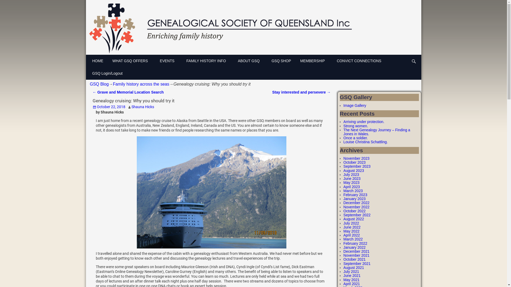 This screenshot has height=287, width=511. Describe the element at coordinates (357, 166) in the screenshot. I see `'September 2023'` at that location.